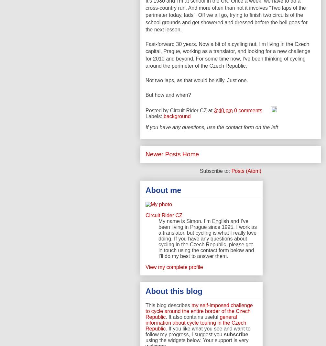  I want to click on 'About this blog', so click(174, 290).